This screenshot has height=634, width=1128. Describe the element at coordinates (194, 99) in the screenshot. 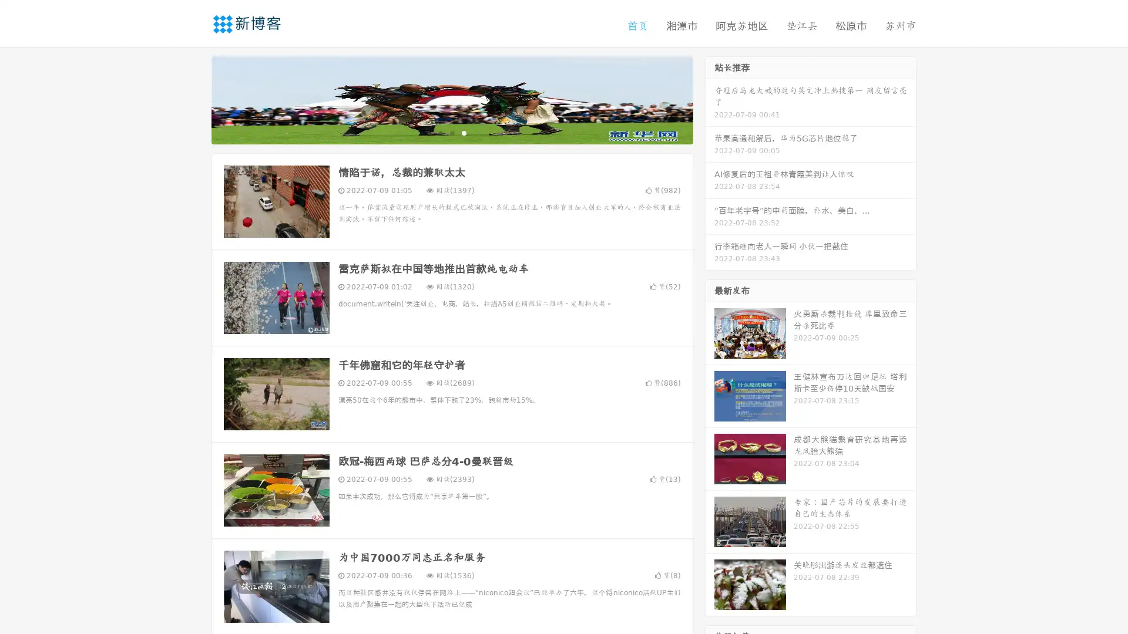

I see `Previous slide` at that location.